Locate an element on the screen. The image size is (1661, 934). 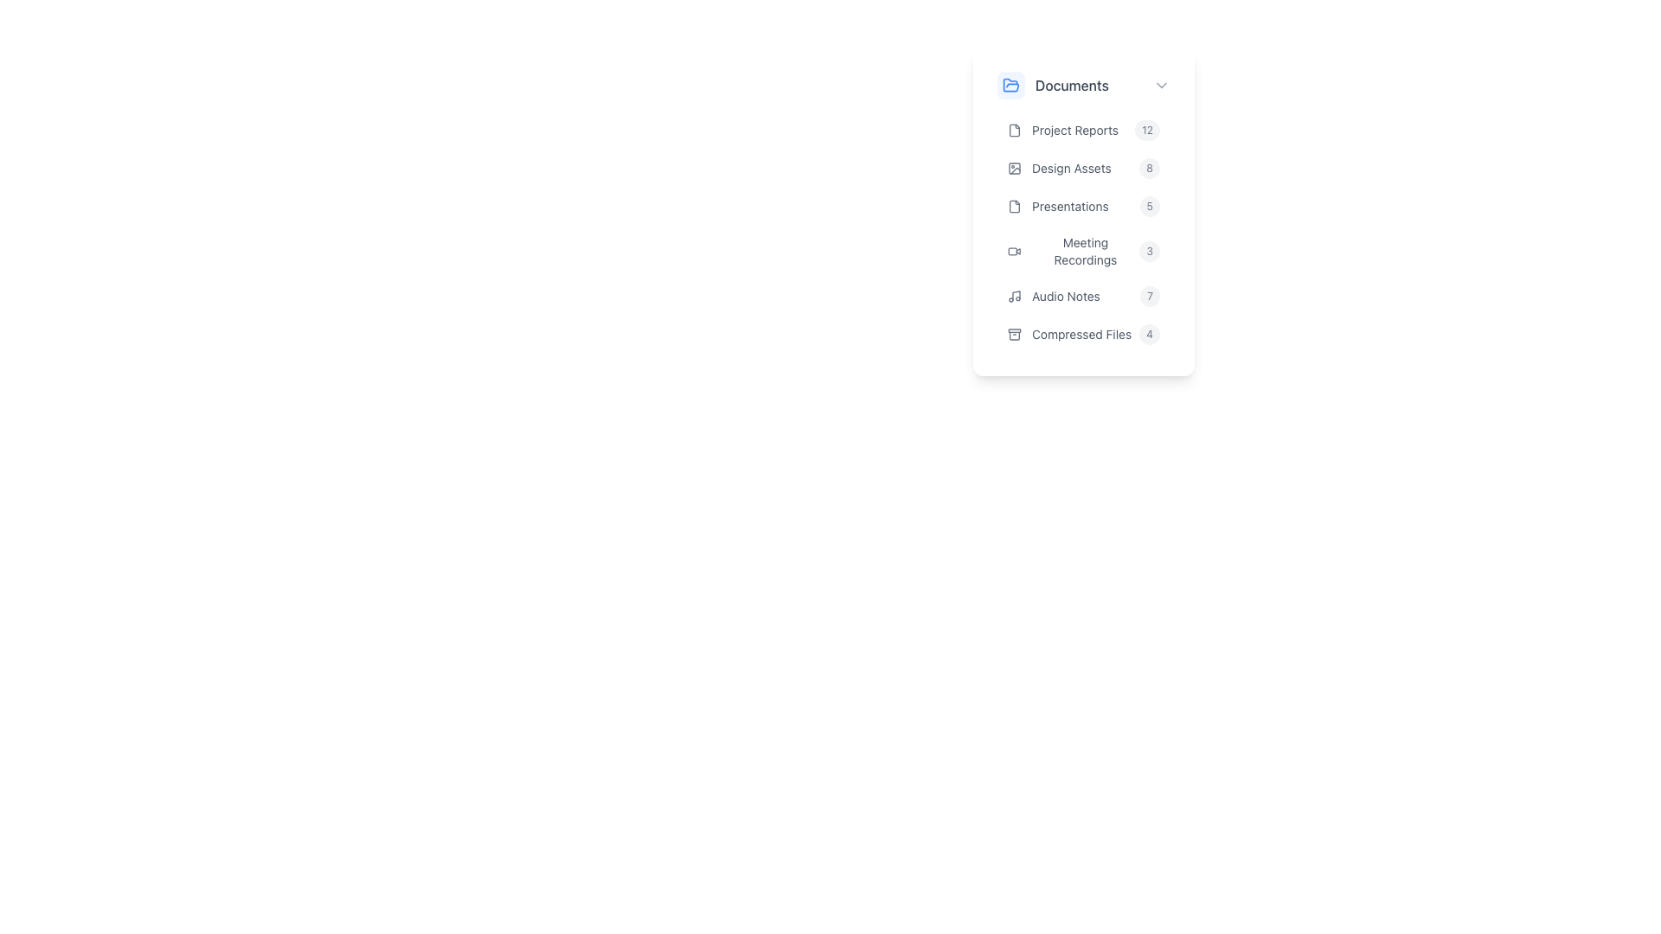
the Counter badge located at the far right of the 'Project Reports' section within the 'Documents' vertical navigation menu is located at coordinates (1147, 129).